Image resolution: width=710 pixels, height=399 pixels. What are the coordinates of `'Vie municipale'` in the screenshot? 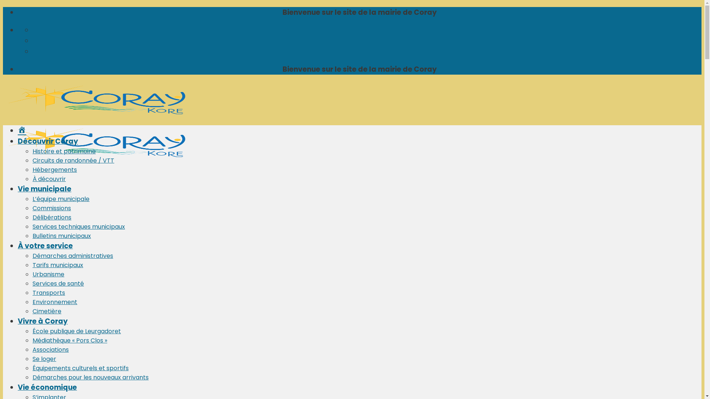 It's located at (44, 188).